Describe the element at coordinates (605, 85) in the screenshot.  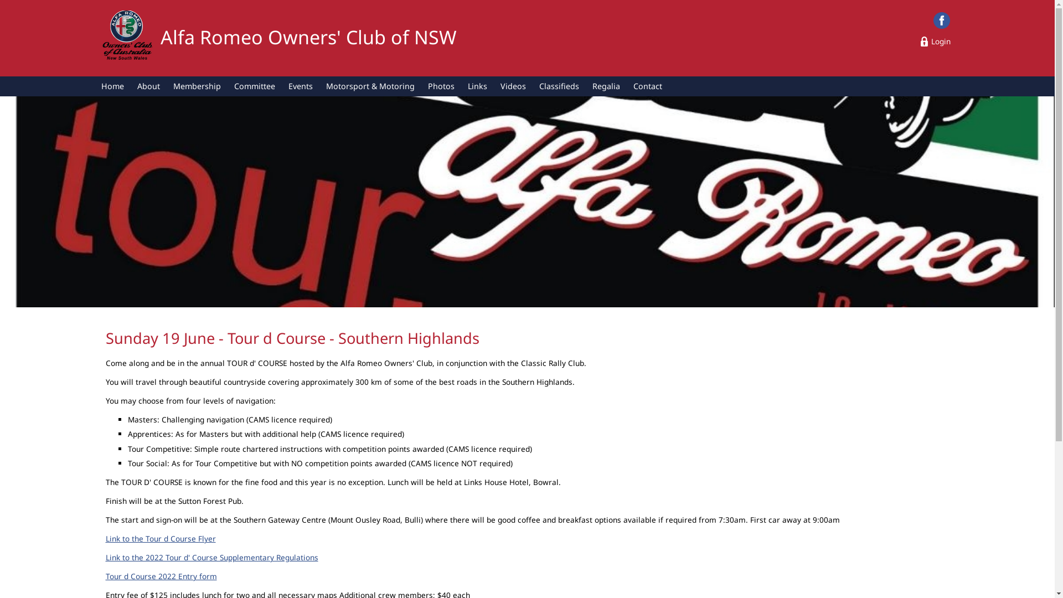
I see `'Regalia'` at that location.